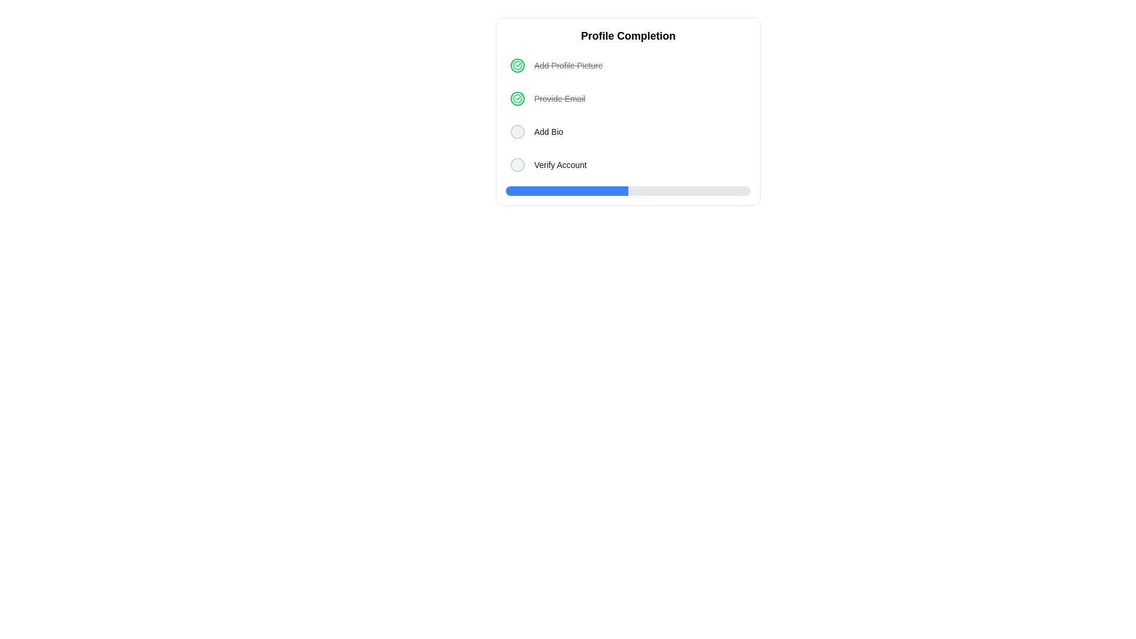  Describe the element at coordinates (566, 191) in the screenshot. I see `the filled portion of the progress bar indicating task completion within the 'Profile Completion' interface card` at that location.